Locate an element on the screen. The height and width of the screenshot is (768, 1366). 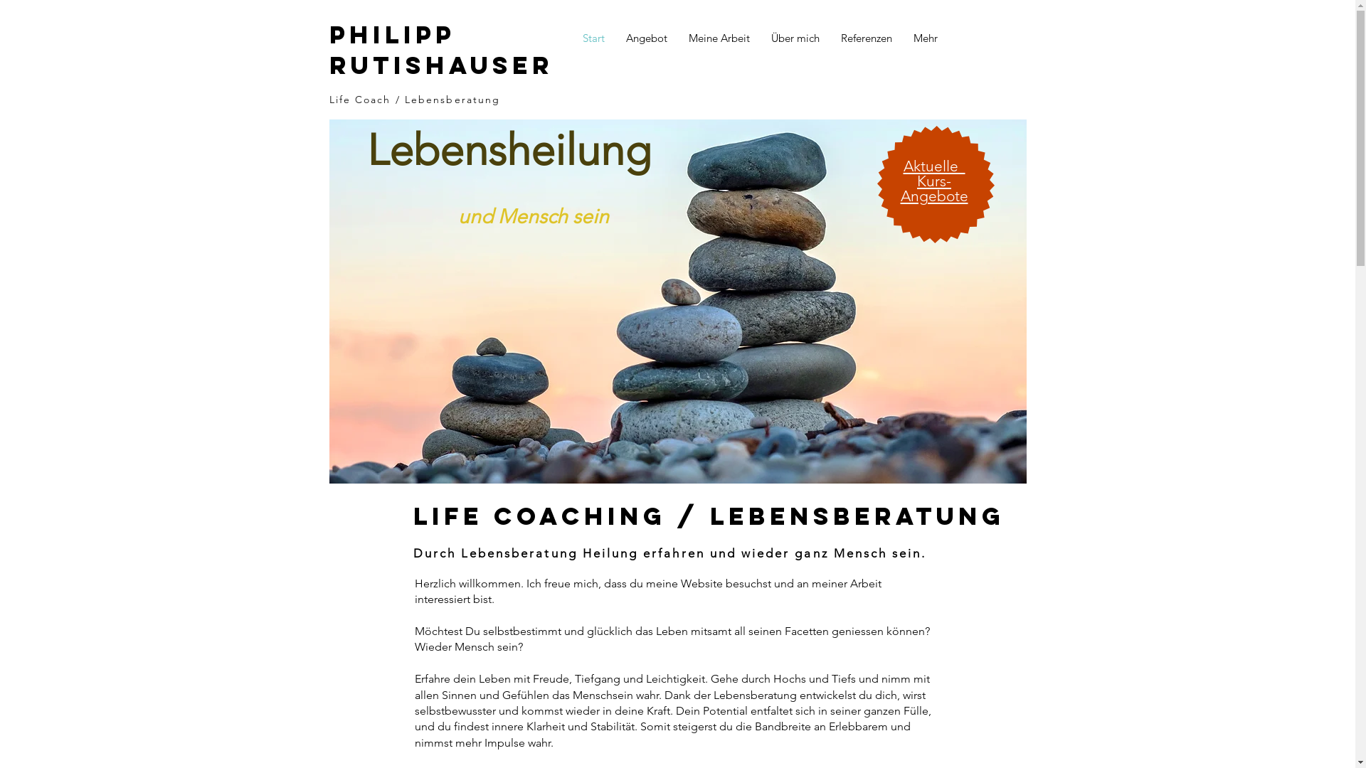
'Start' is located at coordinates (593, 38).